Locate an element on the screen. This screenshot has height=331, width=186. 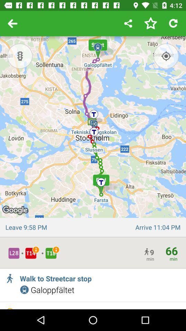
this route is located at coordinates (150, 23).